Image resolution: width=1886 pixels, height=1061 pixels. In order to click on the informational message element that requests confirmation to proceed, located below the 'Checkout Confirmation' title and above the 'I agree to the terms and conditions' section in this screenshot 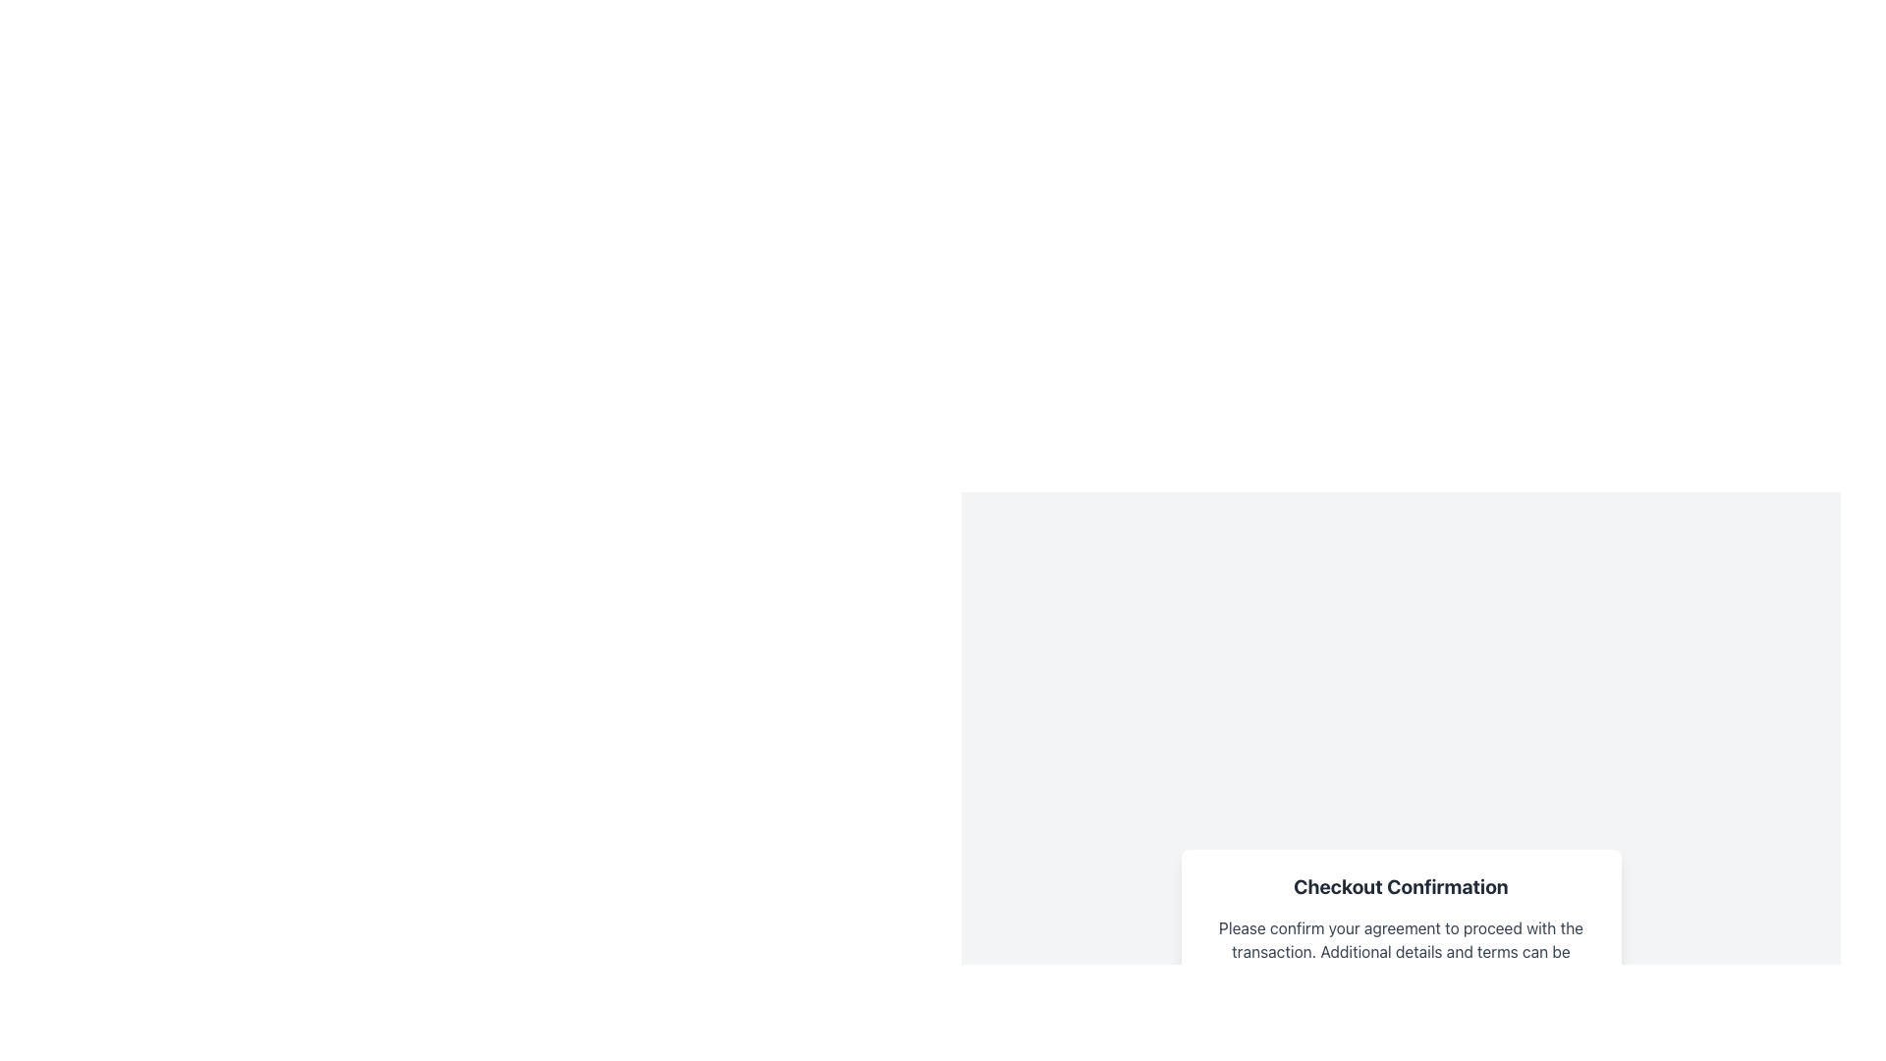, I will do `click(1400, 950)`.